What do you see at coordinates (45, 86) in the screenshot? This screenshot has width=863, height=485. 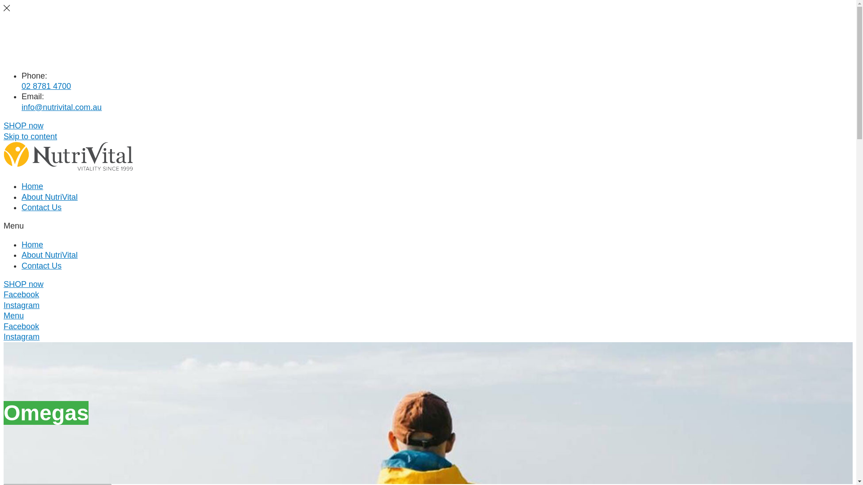 I see `'02 8781 4700'` at bounding box center [45, 86].